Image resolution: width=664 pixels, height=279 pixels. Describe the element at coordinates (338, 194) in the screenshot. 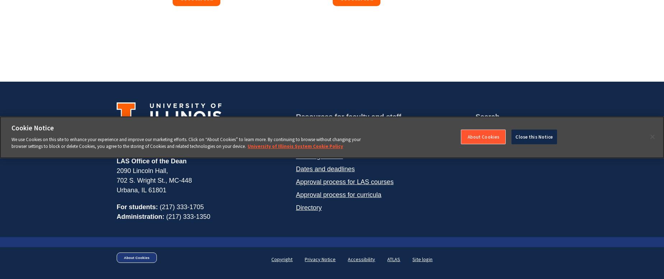

I see `'Approval process for curricula'` at that location.